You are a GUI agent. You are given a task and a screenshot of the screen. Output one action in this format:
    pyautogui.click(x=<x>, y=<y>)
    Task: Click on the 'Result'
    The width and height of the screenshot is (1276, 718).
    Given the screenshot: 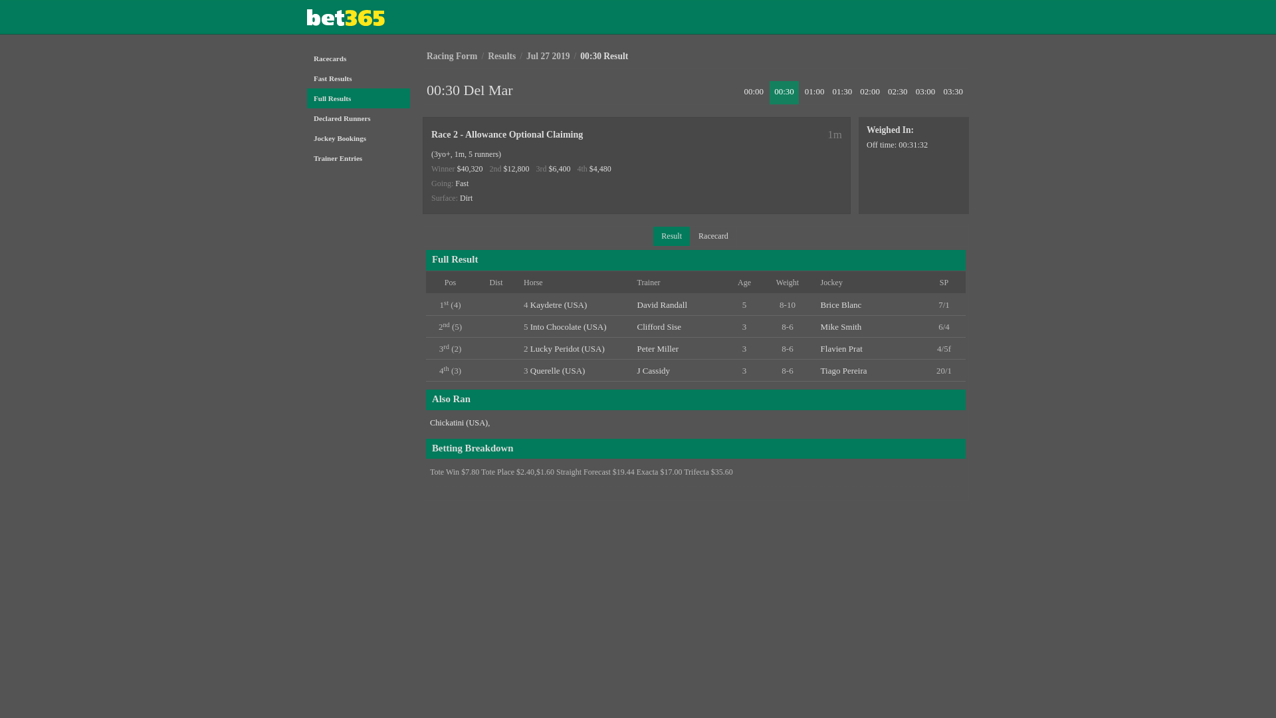 What is the action you would take?
    pyautogui.click(x=671, y=235)
    